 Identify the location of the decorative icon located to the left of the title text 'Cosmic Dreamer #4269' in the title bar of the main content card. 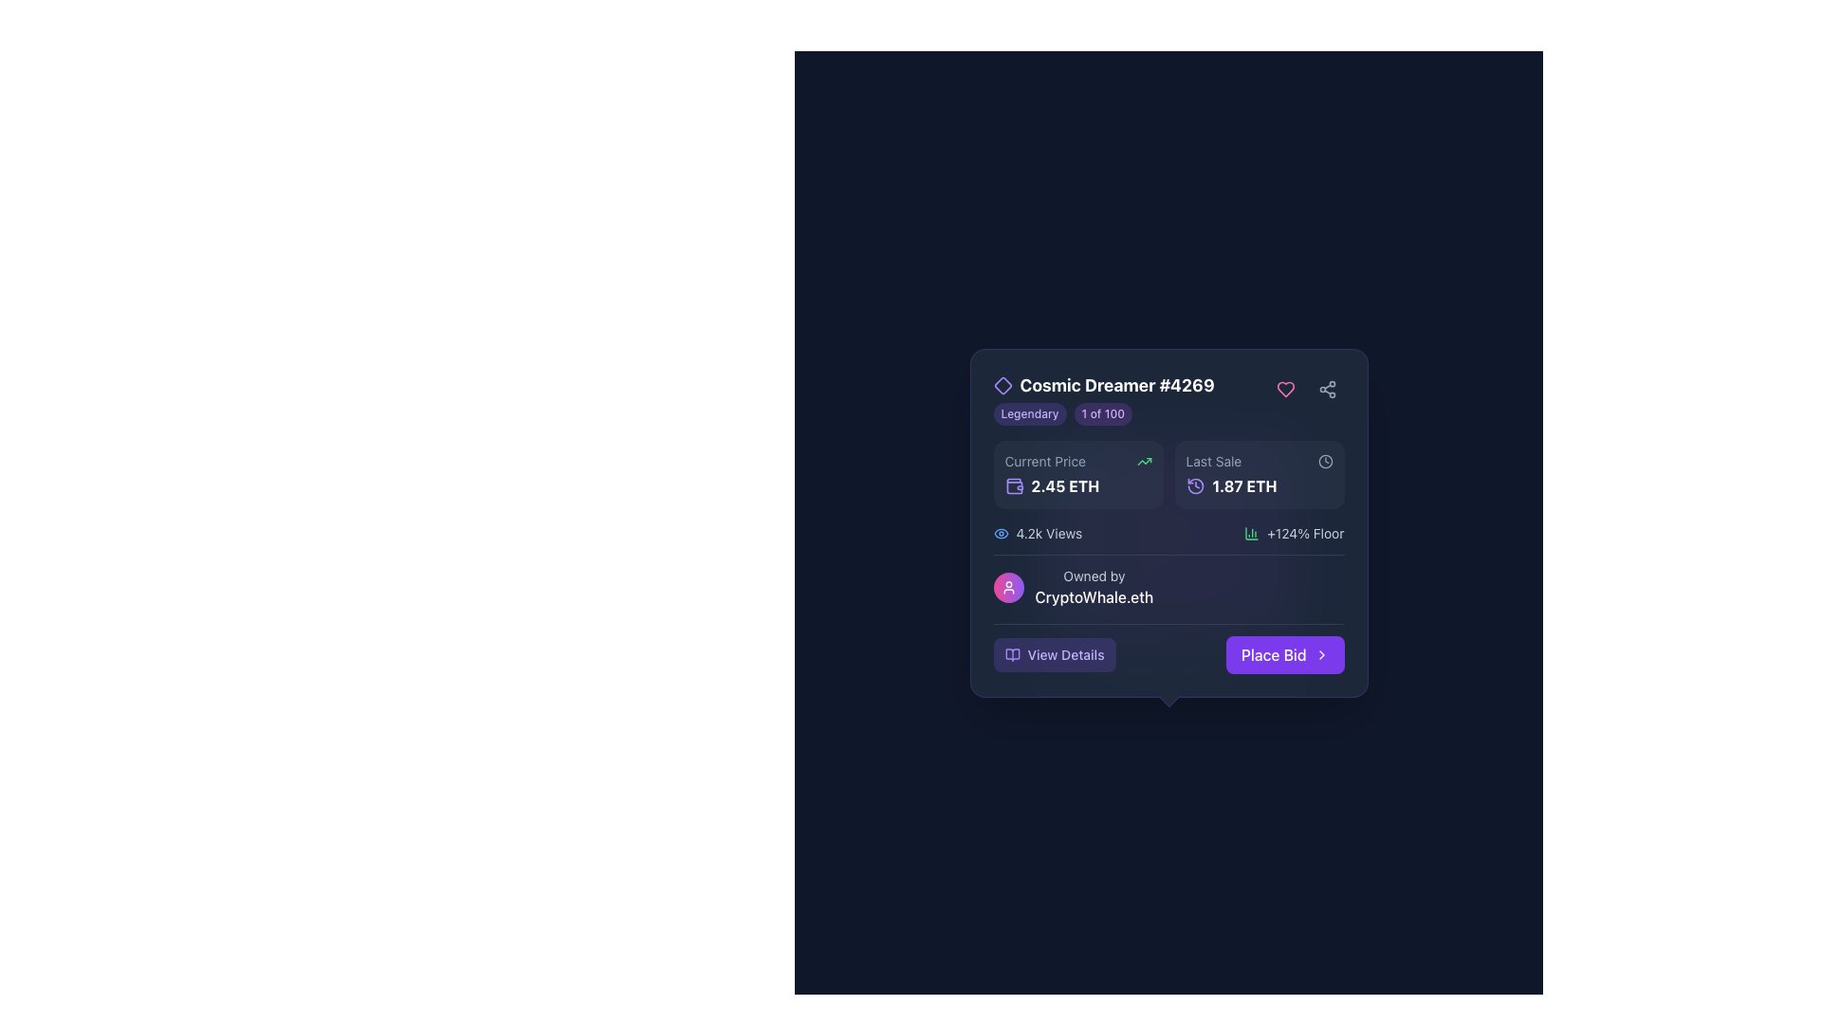
(1002, 385).